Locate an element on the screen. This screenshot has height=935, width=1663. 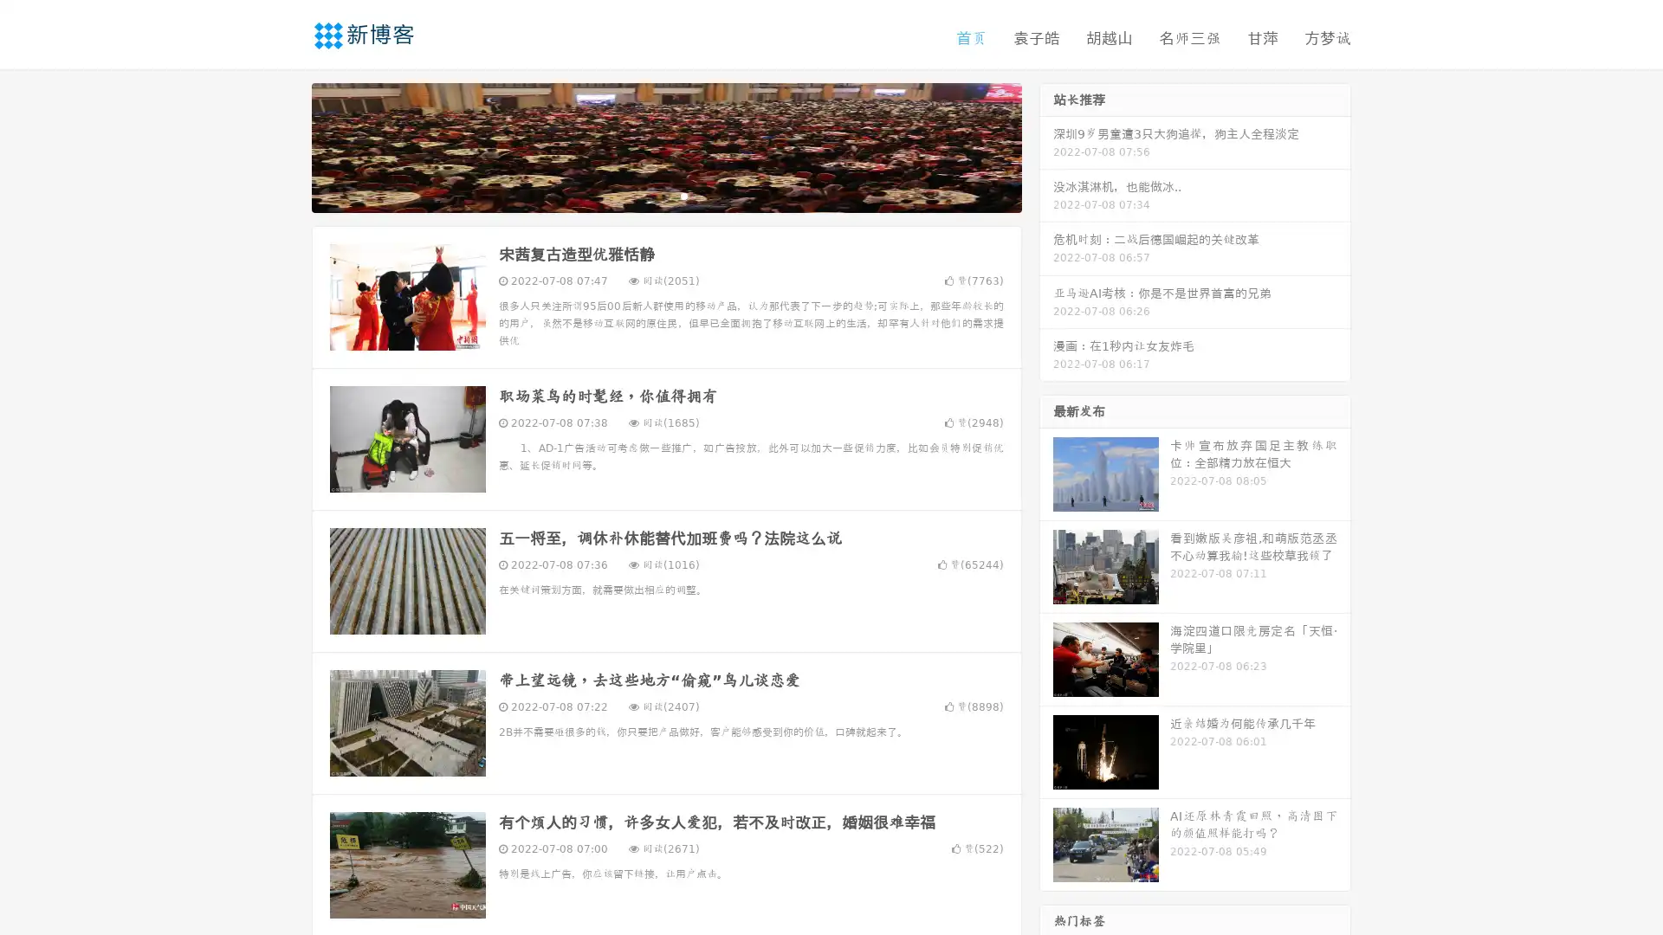
Go to slide 1 is located at coordinates (648, 195).